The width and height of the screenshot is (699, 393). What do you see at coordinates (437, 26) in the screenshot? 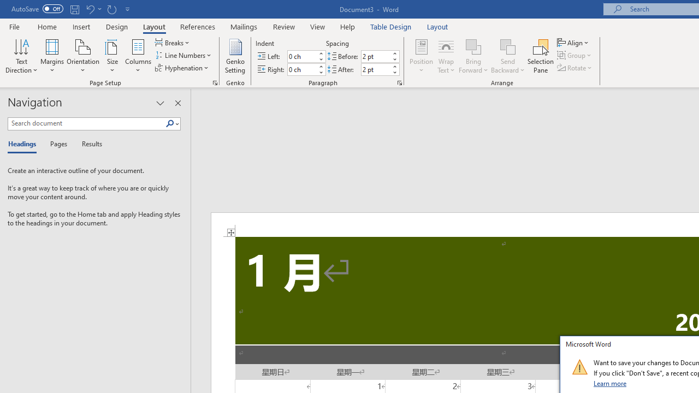
I see `'Layout'` at bounding box center [437, 26].